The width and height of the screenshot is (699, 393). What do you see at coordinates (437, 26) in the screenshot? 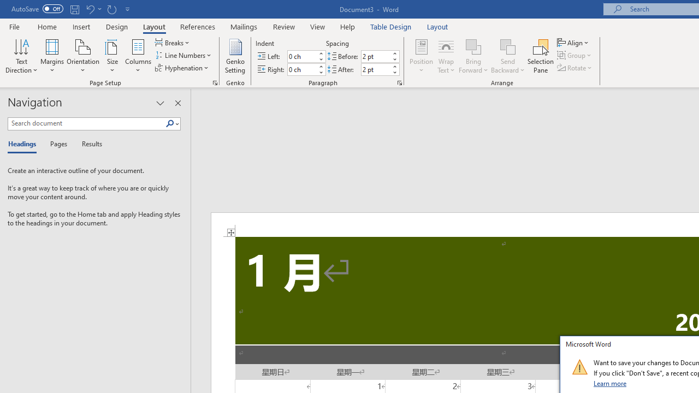
I see `'Layout'` at bounding box center [437, 26].